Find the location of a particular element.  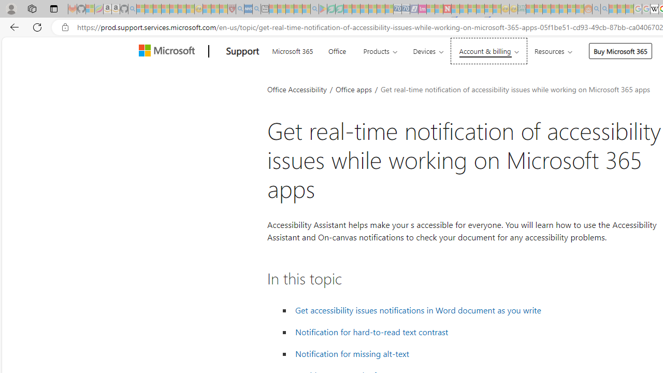

'Robert H. Shmerling, MD - Harvard Health - Sleeping' is located at coordinates (231, 9).